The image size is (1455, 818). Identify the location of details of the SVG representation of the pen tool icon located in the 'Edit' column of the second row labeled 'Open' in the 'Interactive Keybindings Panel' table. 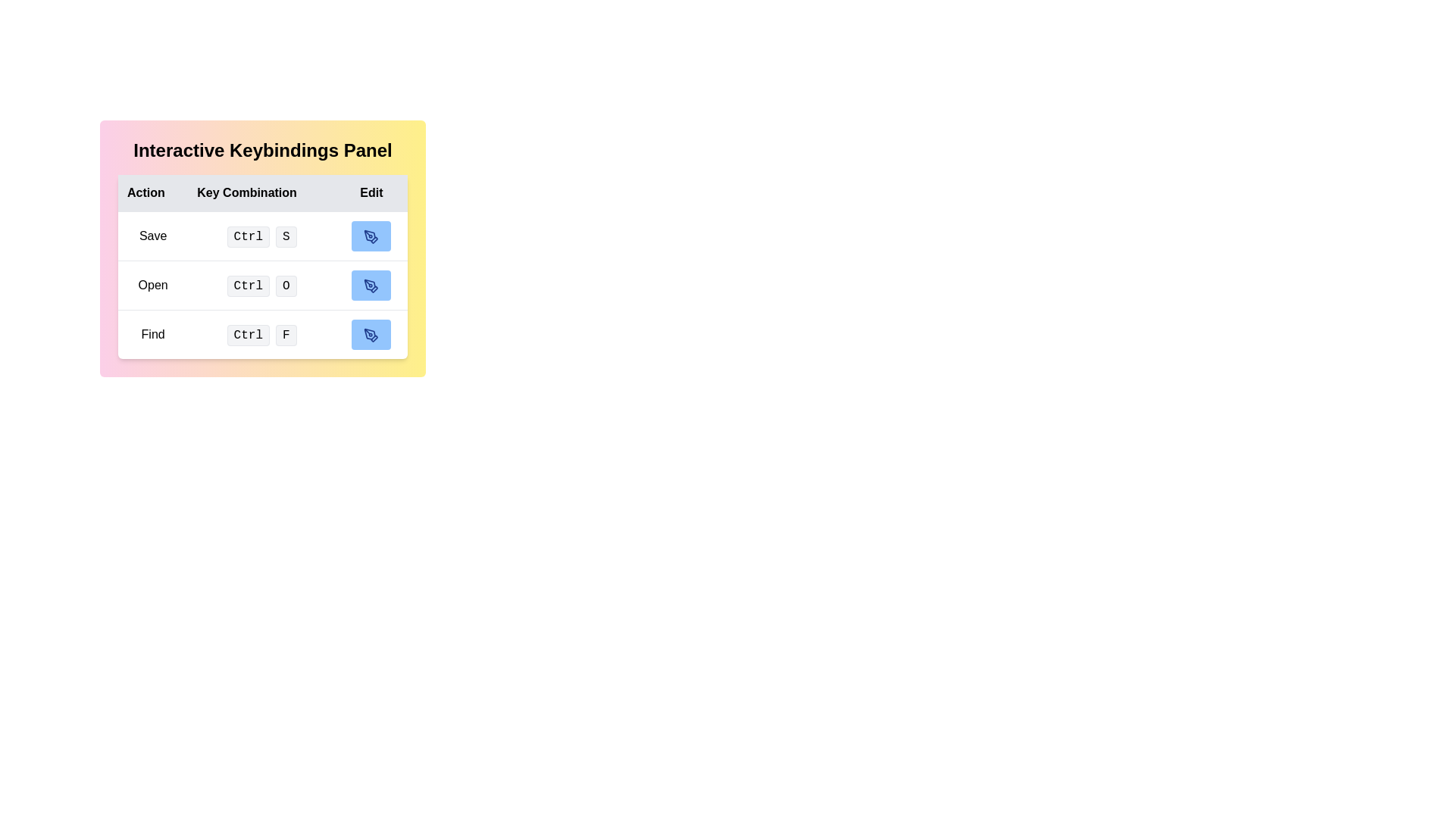
(370, 285).